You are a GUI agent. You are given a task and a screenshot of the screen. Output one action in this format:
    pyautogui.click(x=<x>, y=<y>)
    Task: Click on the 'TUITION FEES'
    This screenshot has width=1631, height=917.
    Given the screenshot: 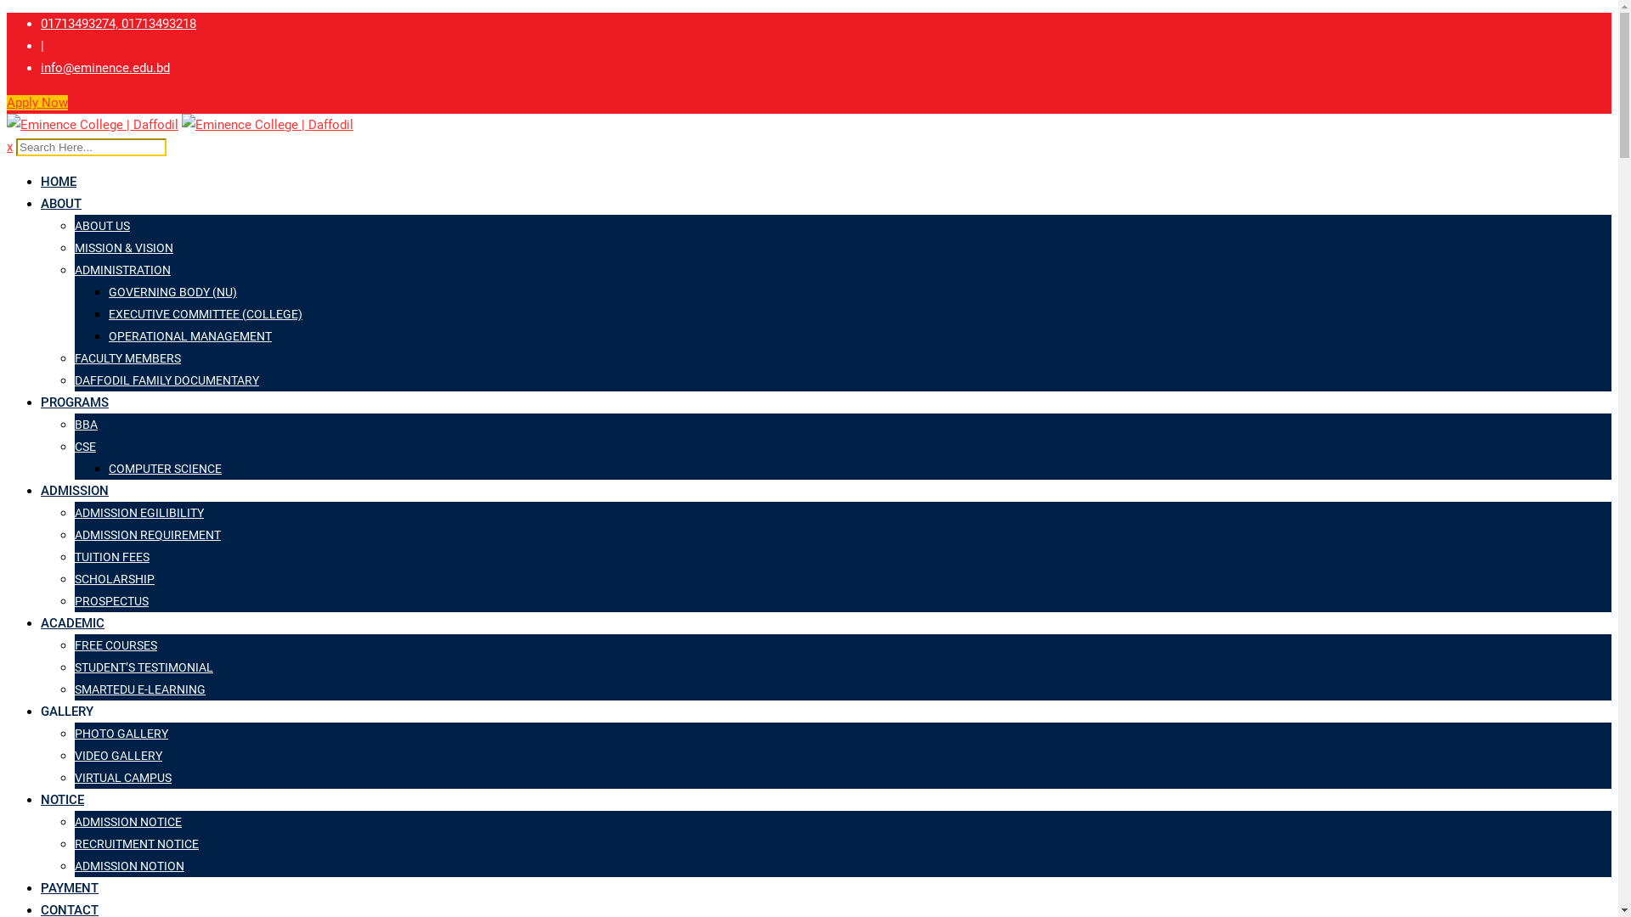 What is the action you would take?
    pyautogui.click(x=110, y=556)
    